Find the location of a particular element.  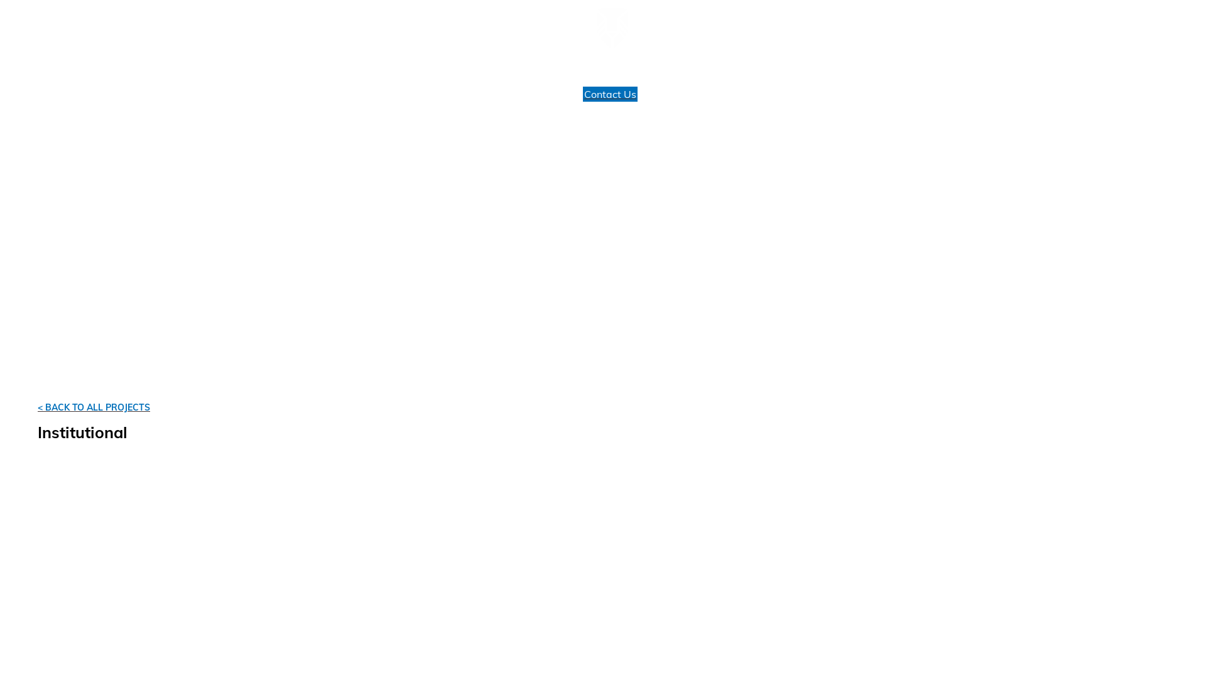

'Projects' is located at coordinates (111, 73).